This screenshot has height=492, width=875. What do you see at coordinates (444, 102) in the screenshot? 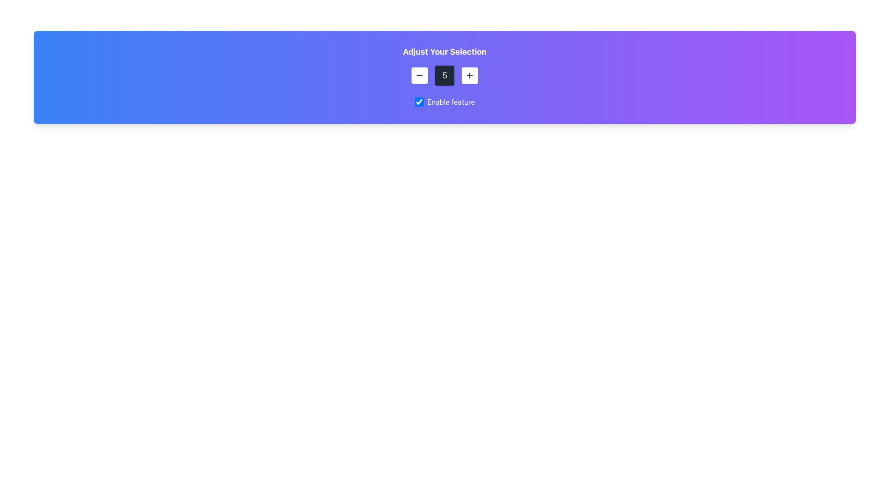
I see `the text label 'Enable feature' associated with the blue checkbox` at bounding box center [444, 102].